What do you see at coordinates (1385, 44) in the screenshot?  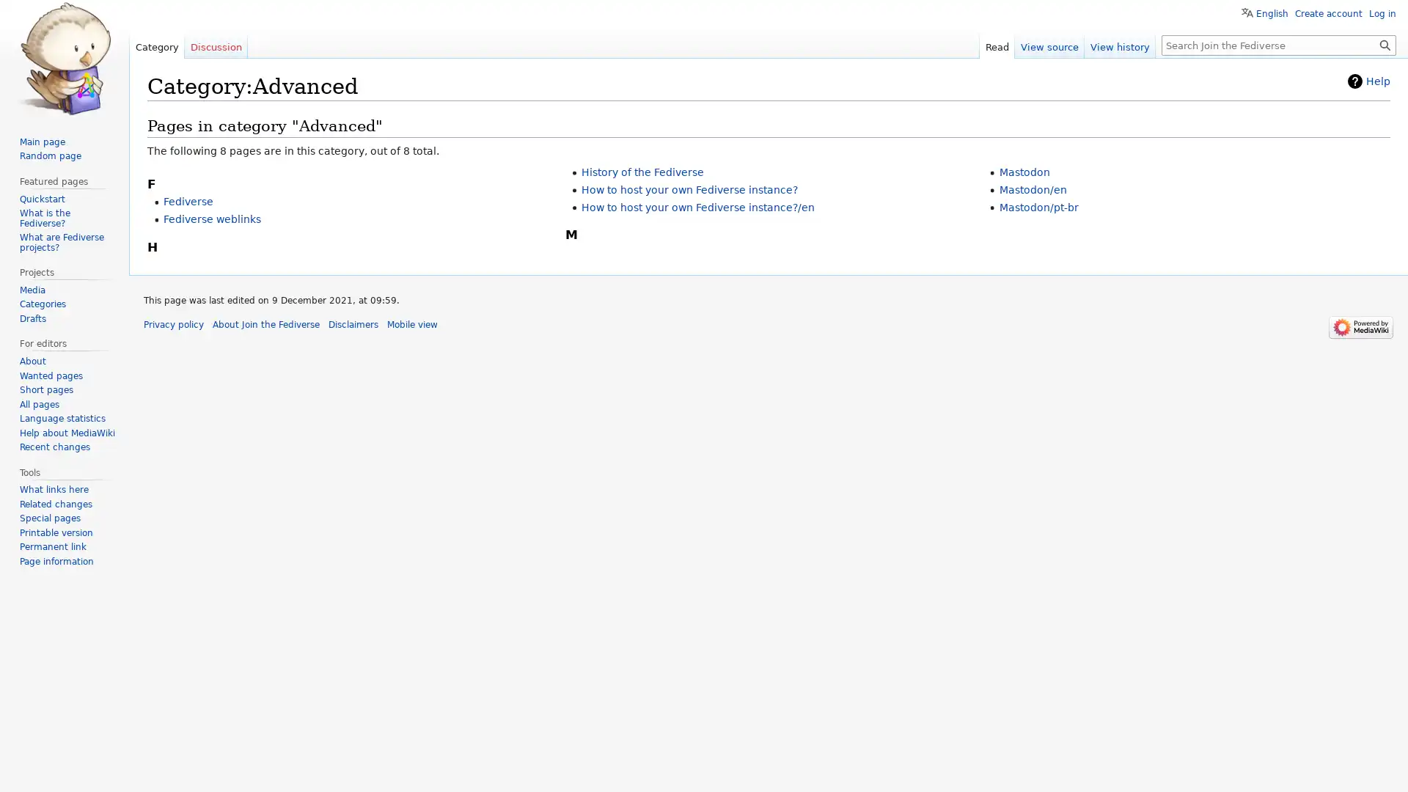 I see `Go` at bounding box center [1385, 44].